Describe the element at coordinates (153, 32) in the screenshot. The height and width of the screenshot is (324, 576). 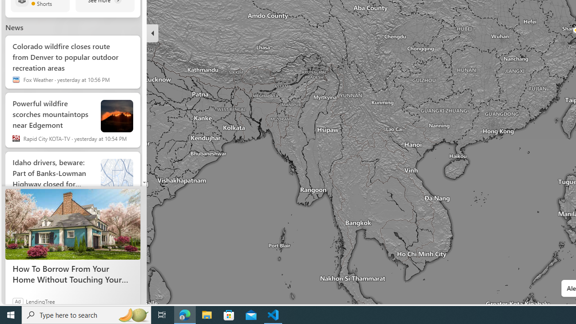
I see `'Hide'` at that location.